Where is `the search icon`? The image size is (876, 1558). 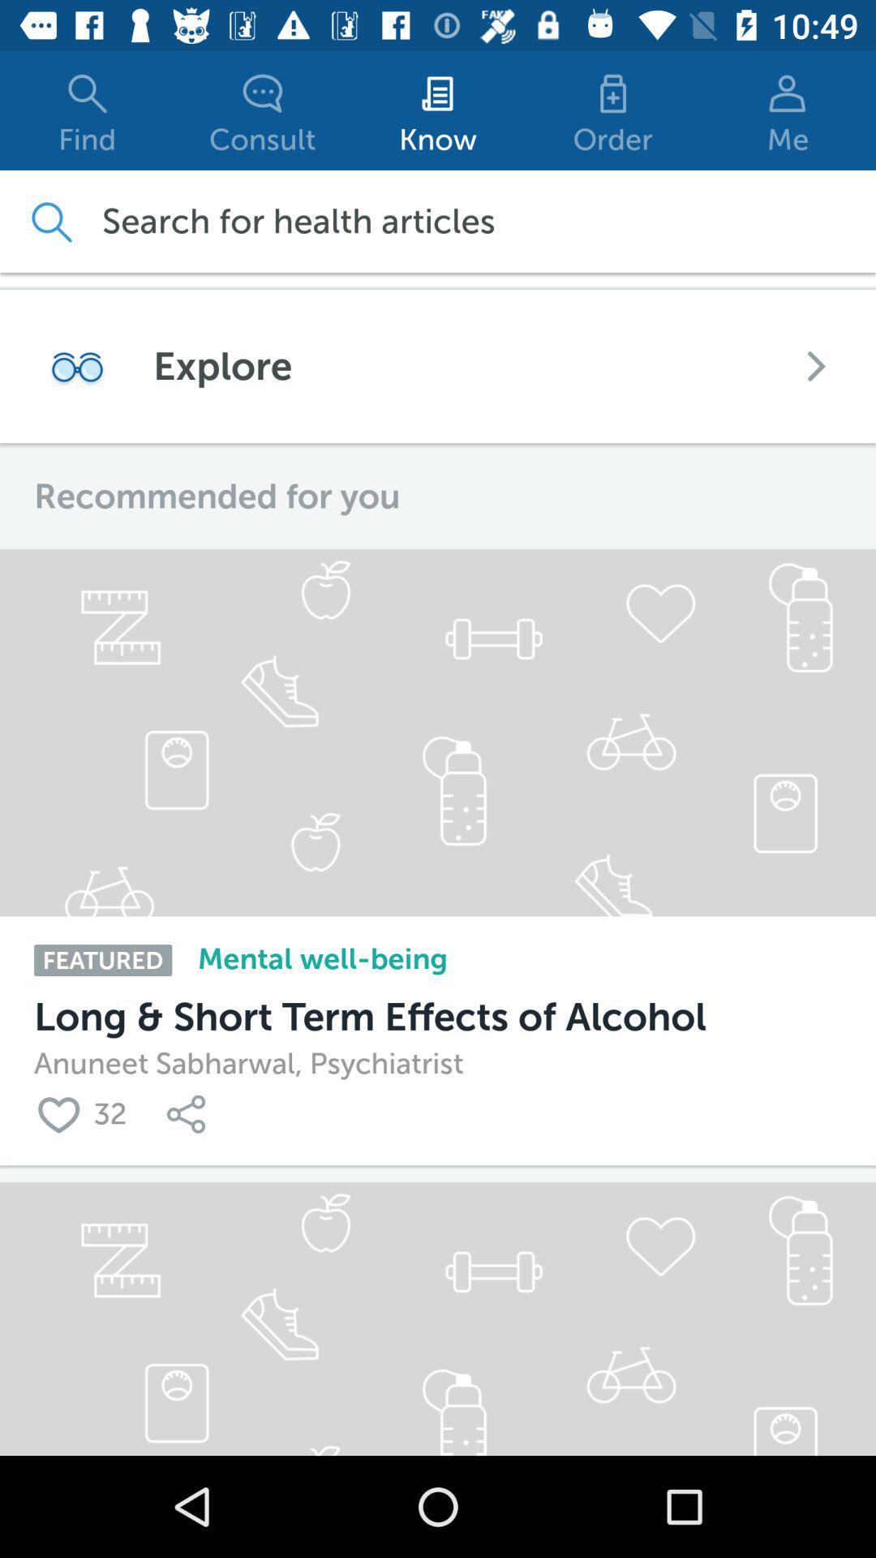
the search icon is located at coordinates (49, 221).